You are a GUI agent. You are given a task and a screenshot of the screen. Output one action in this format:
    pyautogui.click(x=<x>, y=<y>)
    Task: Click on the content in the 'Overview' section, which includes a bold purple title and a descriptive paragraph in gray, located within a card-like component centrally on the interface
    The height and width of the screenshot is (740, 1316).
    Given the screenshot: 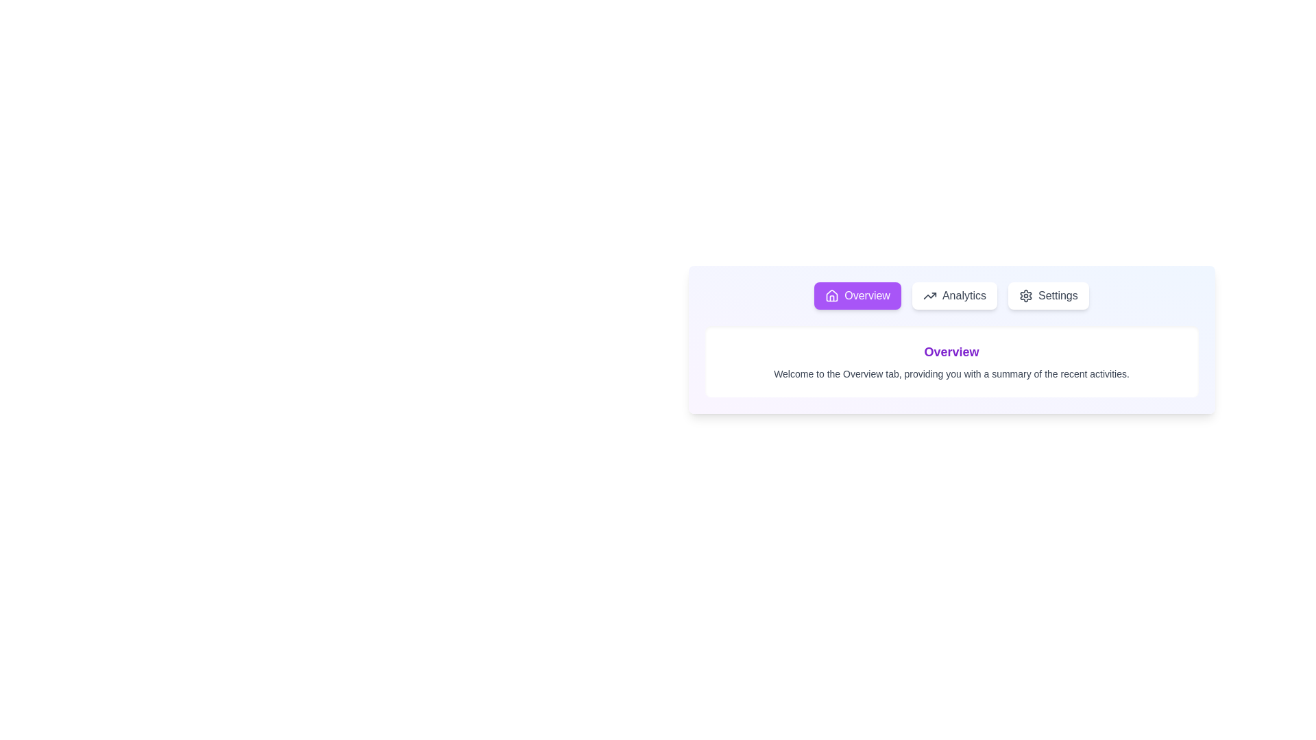 What is the action you would take?
    pyautogui.click(x=951, y=361)
    